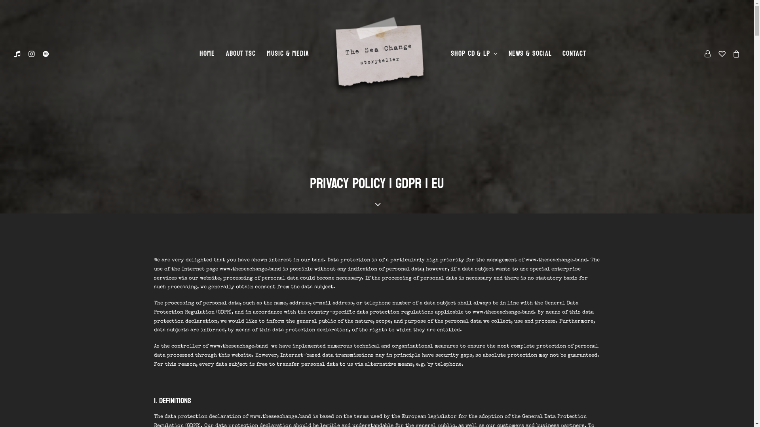  Describe the element at coordinates (734, 53) in the screenshot. I see `'cart'` at that location.